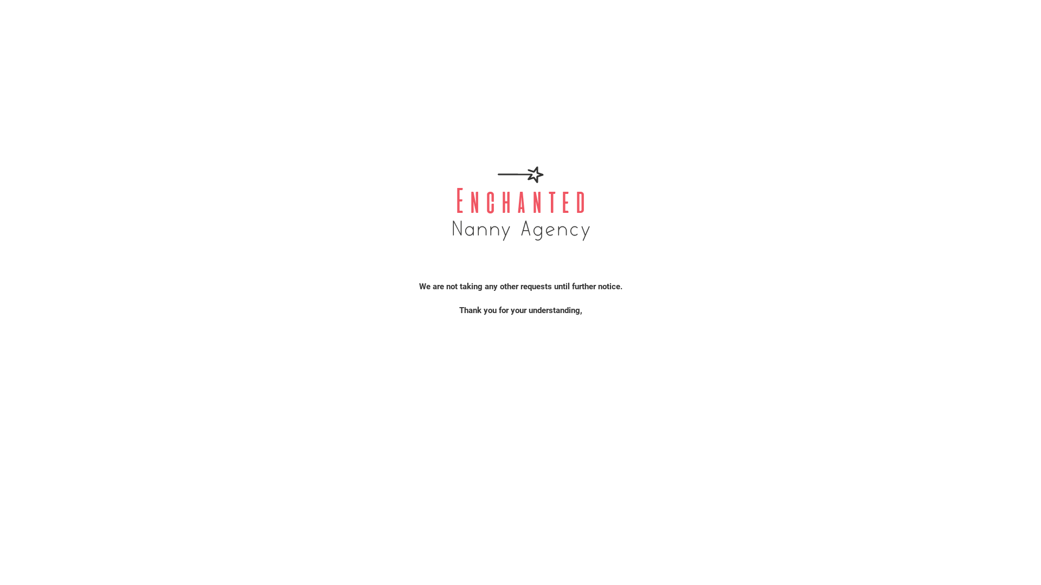 This screenshot has height=585, width=1041. Describe the element at coordinates (520, 202) in the screenshot. I see `'Artboard 3 copy'` at that location.